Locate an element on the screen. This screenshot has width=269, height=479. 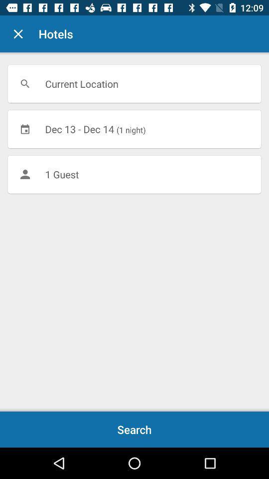
icon below current location is located at coordinates (134, 128).